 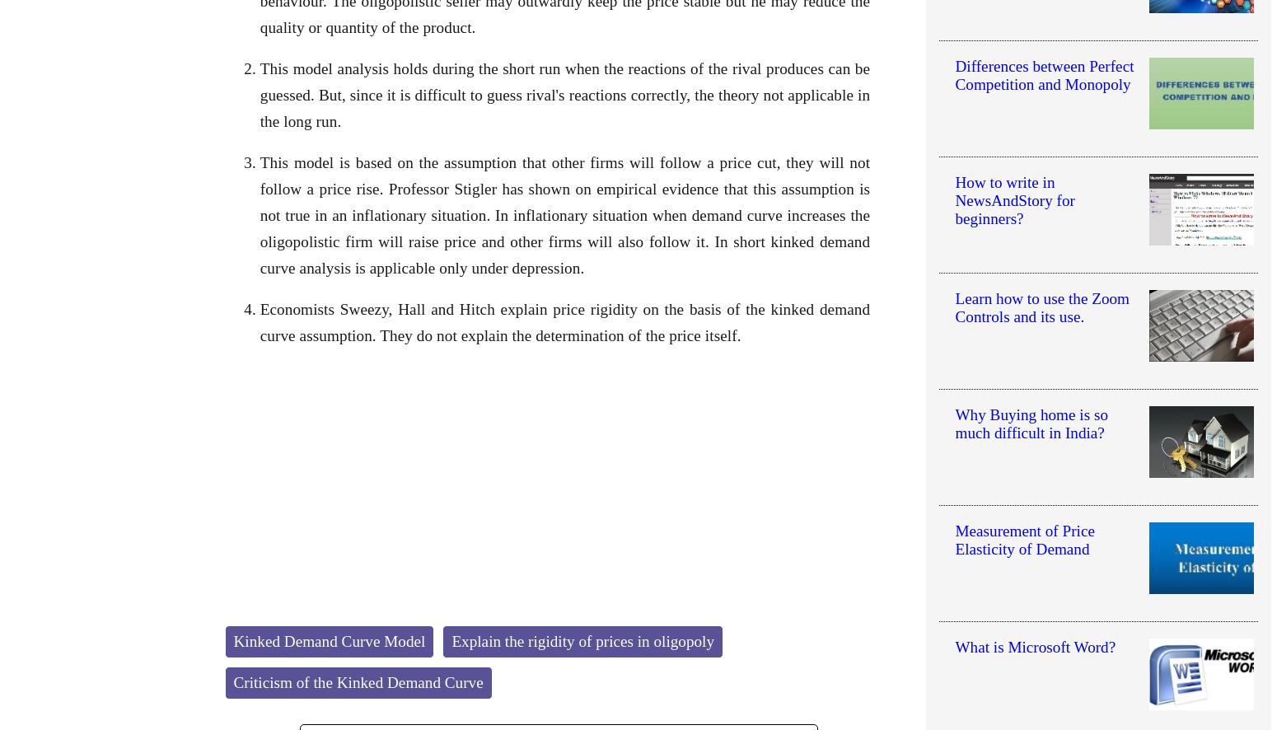 What do you see at coordinates (953, 75) in the screenshot?
I see `'Differences between Perfect Competition and Monopoly'` at bounding box center [953, 75].